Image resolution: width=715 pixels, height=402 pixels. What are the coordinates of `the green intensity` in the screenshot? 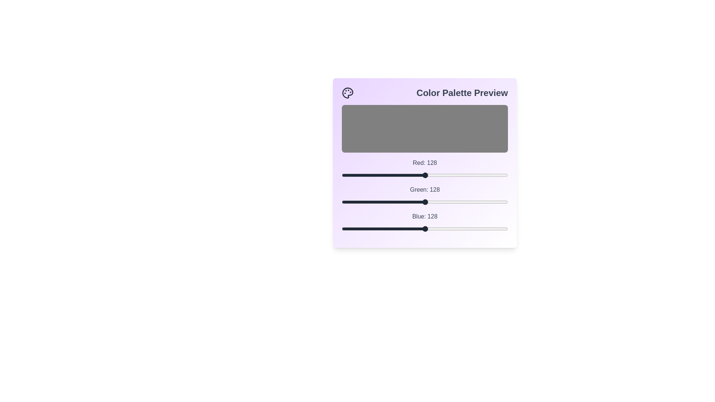 It's located at (351, 202).